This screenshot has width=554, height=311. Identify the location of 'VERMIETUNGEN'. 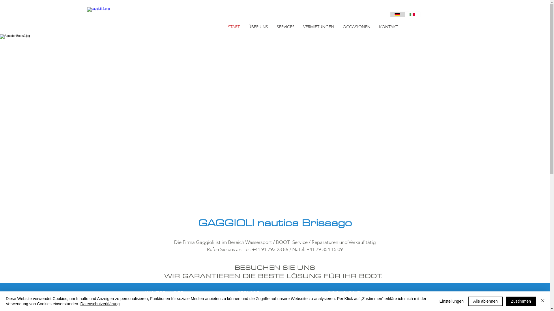
(318, 26).